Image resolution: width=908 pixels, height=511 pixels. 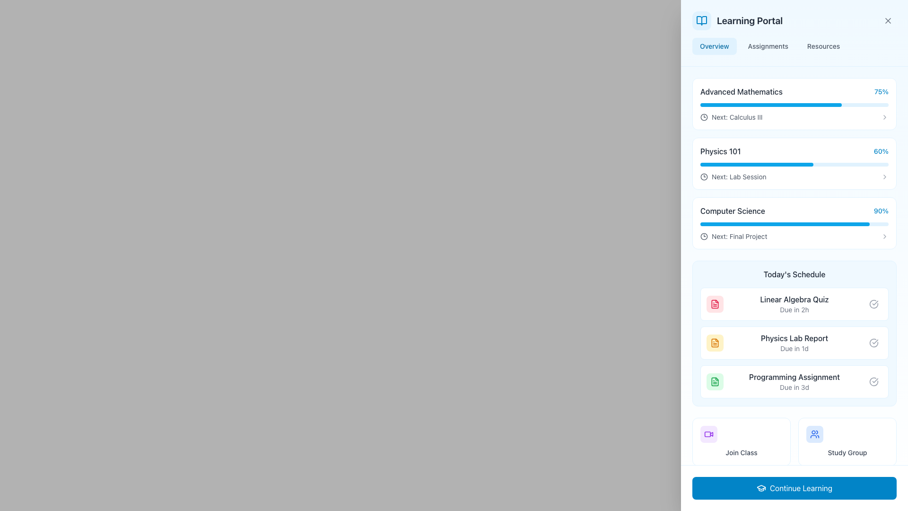 I want to click on progress percentage displayed on the progress bar for the 'Advanced Mathematics' course, which shows 75% and is located centrally within the 'Advanced Mathematics' card, so click(x=771, y=105).